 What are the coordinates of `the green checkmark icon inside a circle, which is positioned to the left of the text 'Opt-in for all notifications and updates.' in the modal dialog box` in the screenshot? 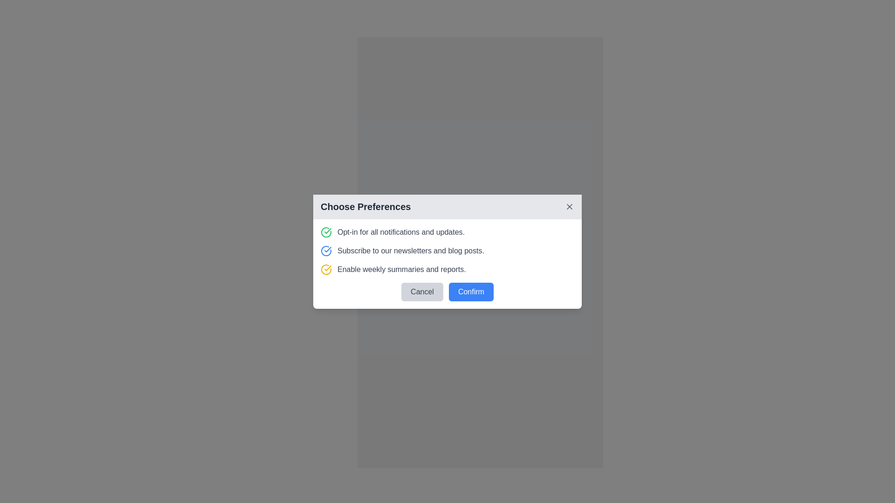 It's located at (326, 231).